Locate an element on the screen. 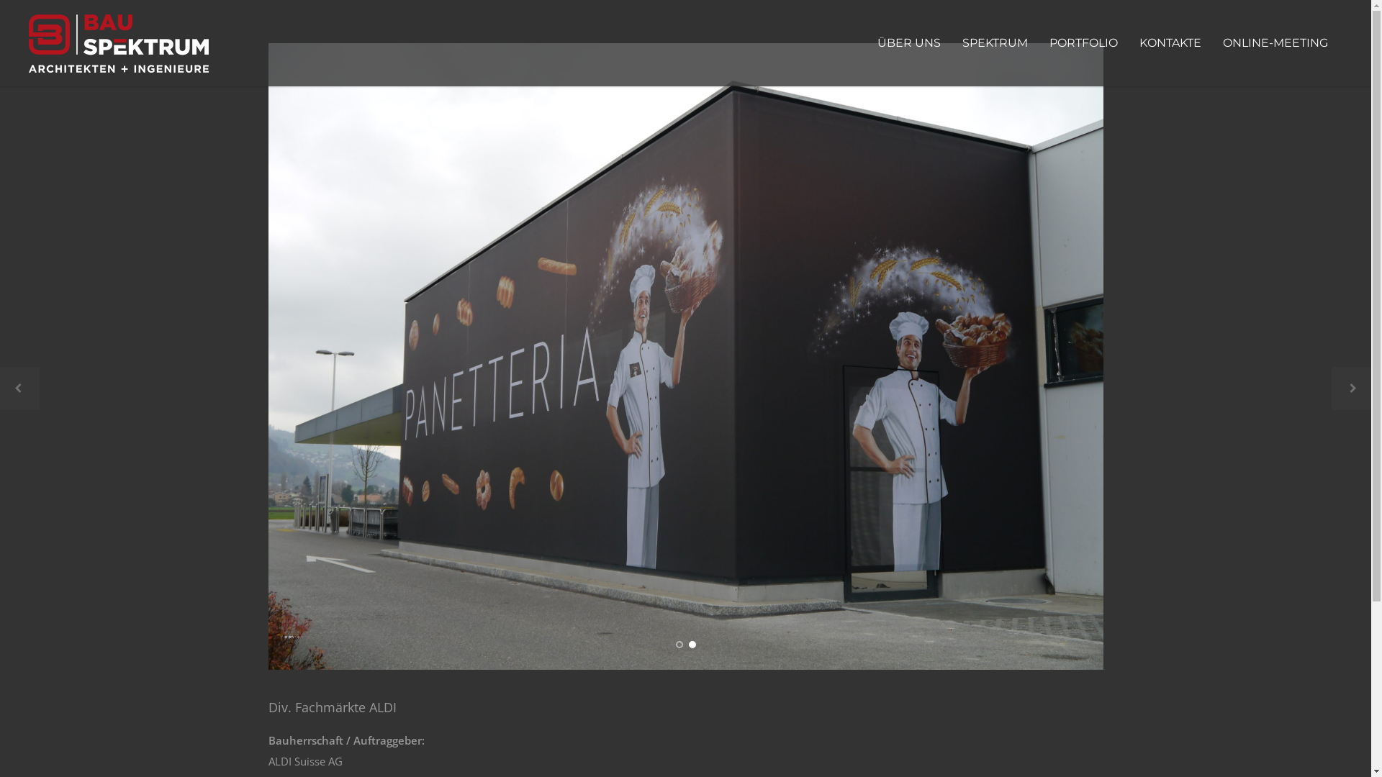  'PORTFOLIO' is located at coordinates (1039, 42).